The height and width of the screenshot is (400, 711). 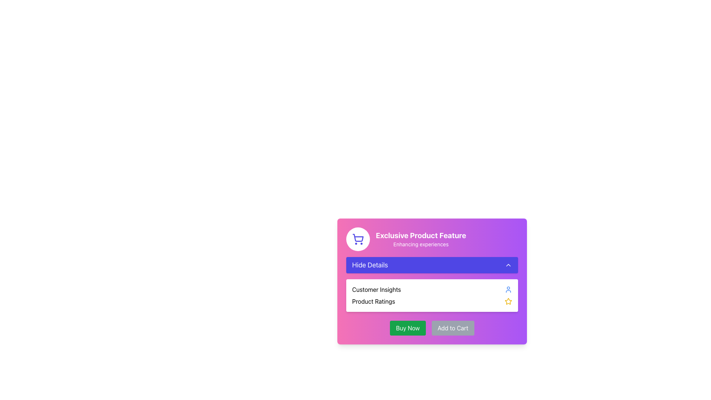 I want to click on the star icon with a yellow outline located in the 'Product Ratings' row to rate or interact, so click(x=508, y=301).